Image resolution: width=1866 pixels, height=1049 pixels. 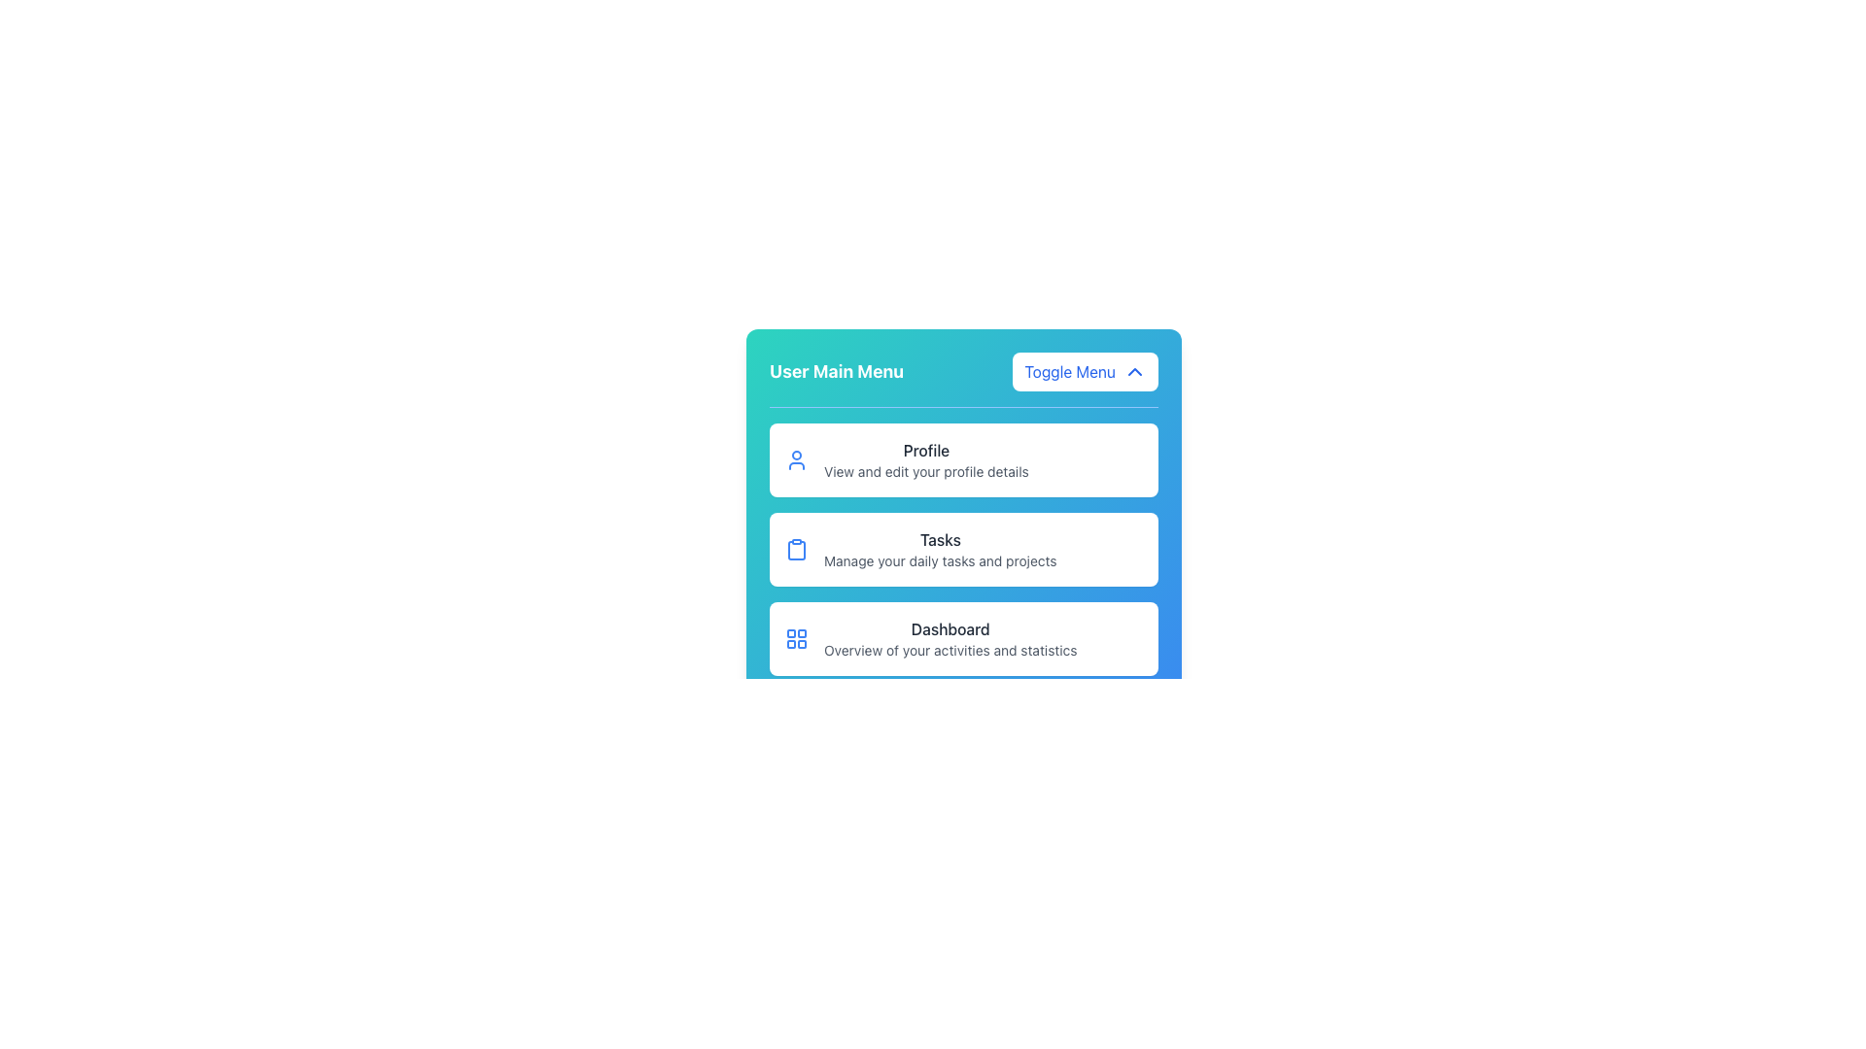 What do you see at coordinates (950, 629) in the screenshot?
I see `text label indicating 'Dashboard' located at the bottom section of the 'User Main Menu' interface, under the 'Tasks' section` at bounding box center [950, 629].